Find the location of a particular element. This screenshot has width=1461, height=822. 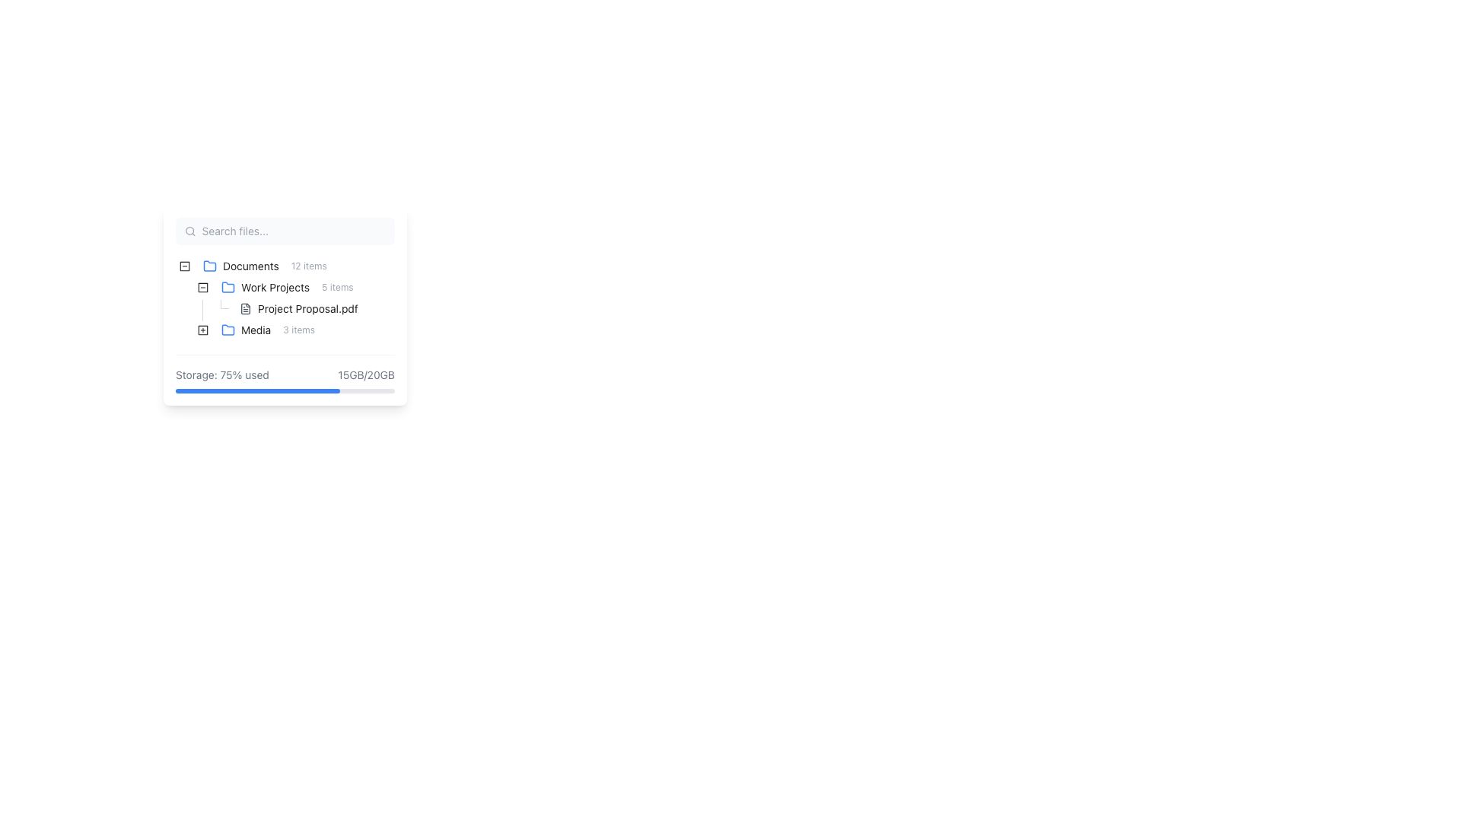

the blue outlined folder icon representing the 'Work Projects' folder is located at coordinates (227, 287).